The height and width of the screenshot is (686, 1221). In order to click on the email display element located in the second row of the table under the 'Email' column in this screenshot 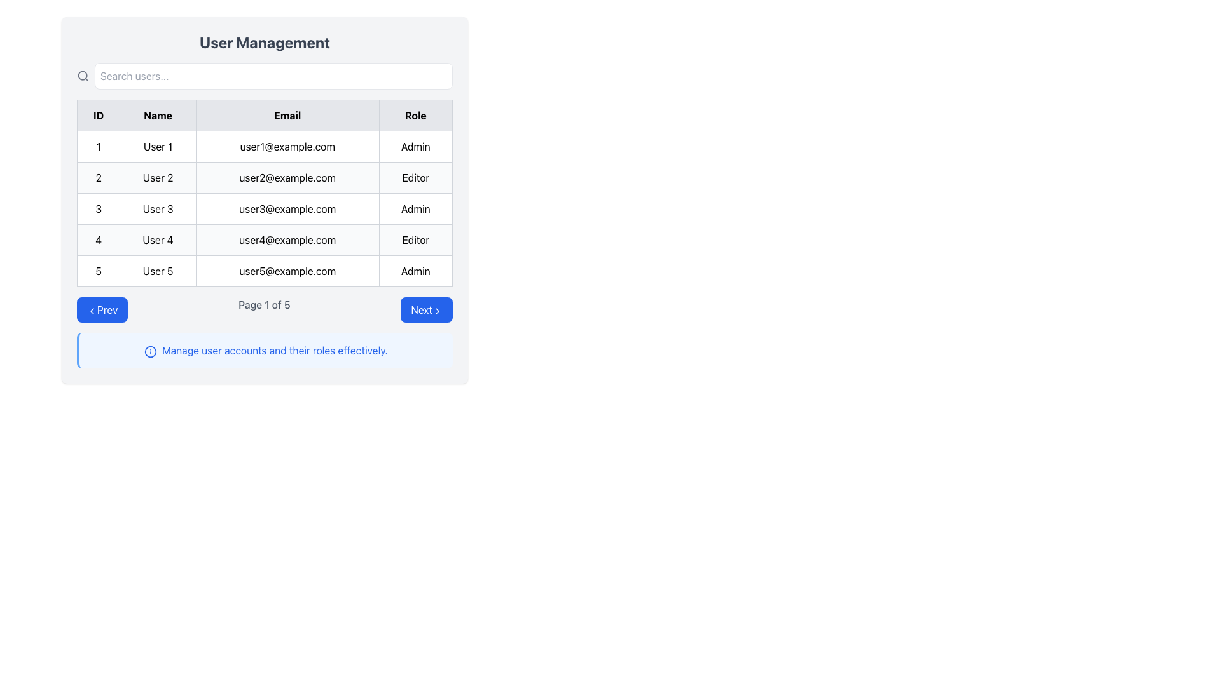, I will do `click(287, 178)`.